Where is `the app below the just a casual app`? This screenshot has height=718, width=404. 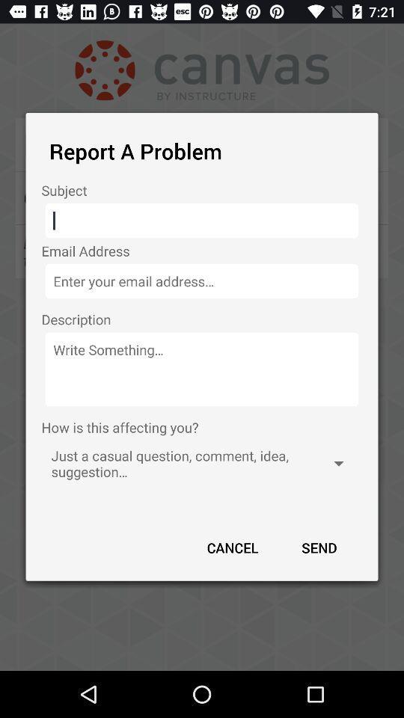
the app below the just a casual app is located at coordinates (233, 547).